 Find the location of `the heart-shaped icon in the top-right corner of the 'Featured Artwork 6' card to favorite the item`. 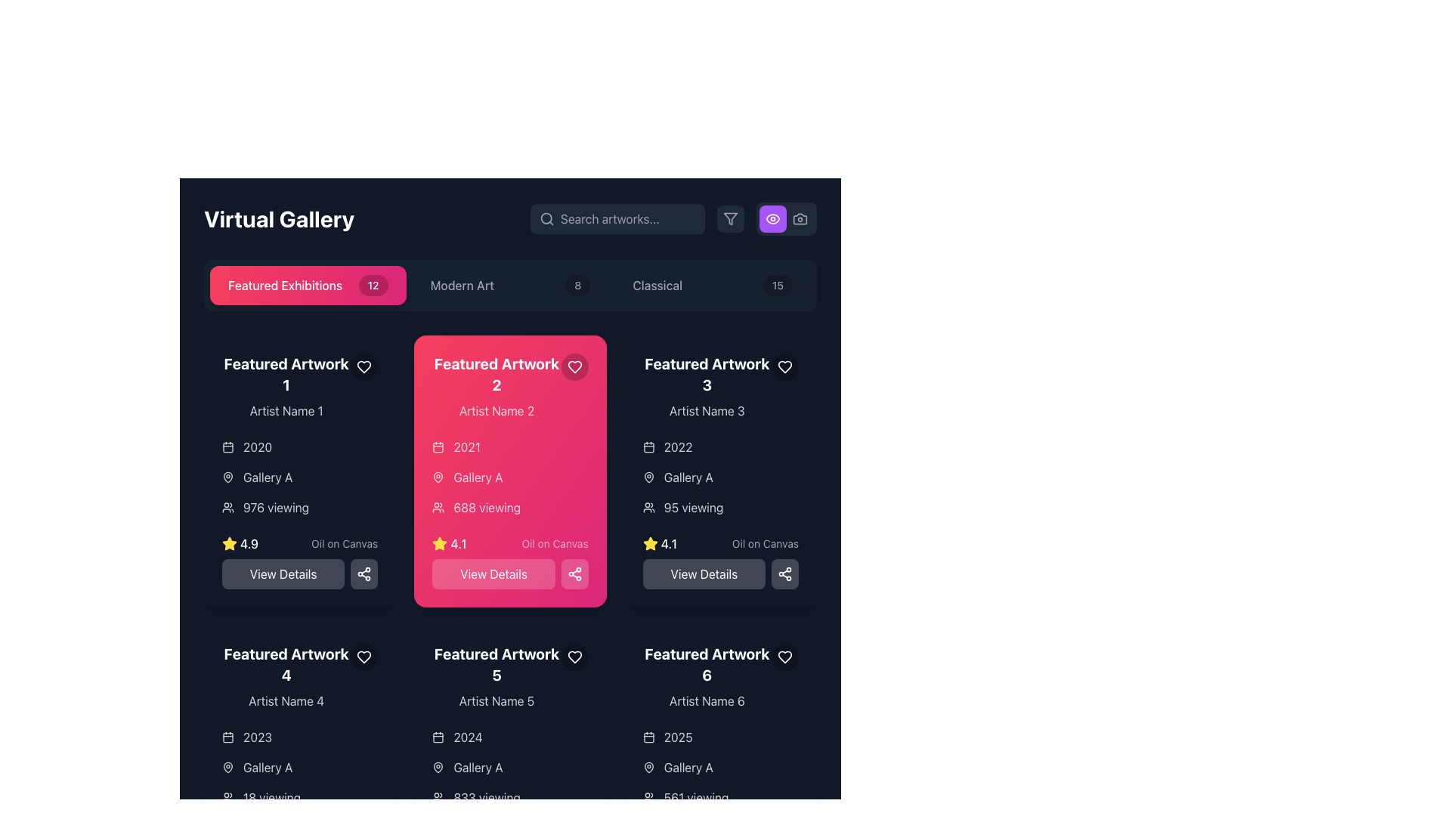

the heart-shaped icon in the top-right corner of the 'Featured Artwork 6' card to favorite the item is located at coordinates (784, 657).